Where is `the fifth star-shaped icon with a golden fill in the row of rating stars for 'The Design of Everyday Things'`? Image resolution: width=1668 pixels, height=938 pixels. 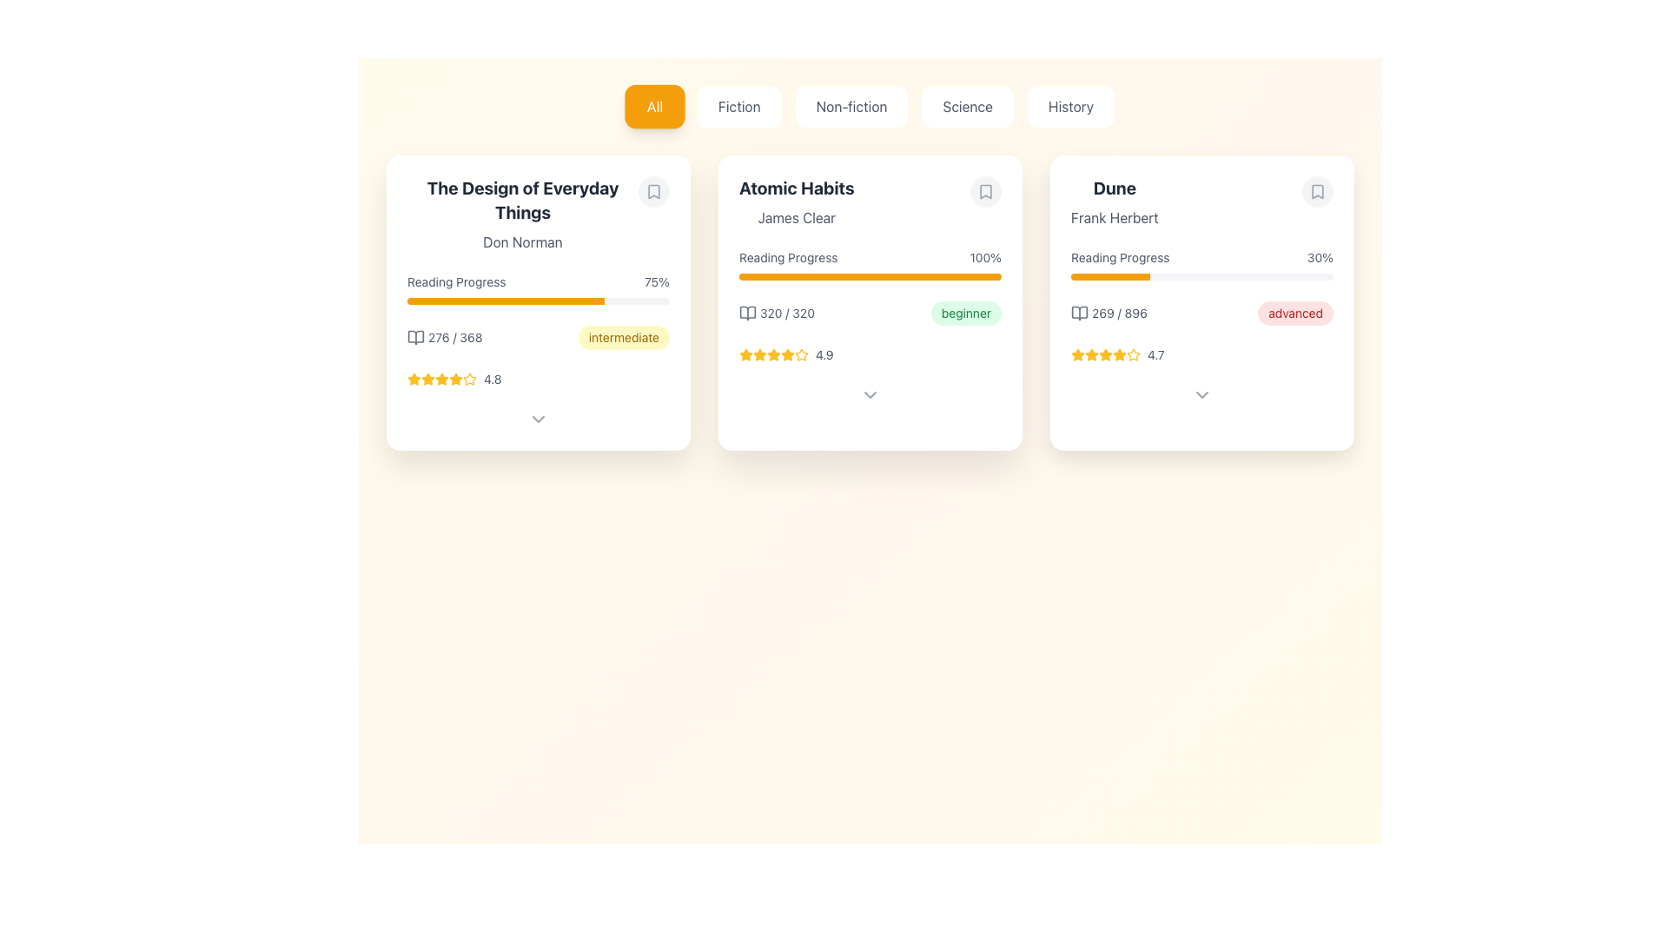
the fifth star-shaped icon with a golden fill in the row of rating stars for 'The Design of Everyday Things' is located at coordinates (455, 378).